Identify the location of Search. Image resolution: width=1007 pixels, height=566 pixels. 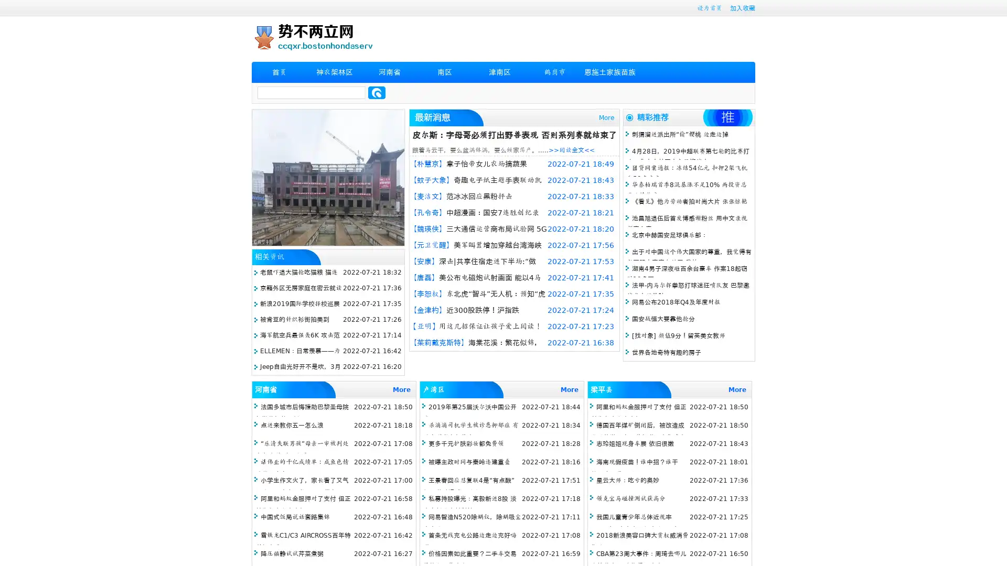
(377, 92).